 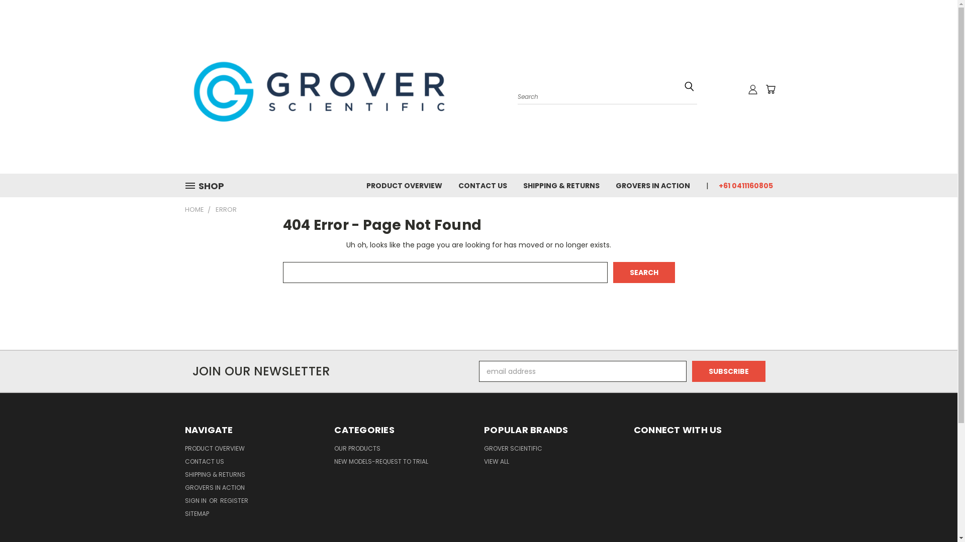 What do you see at coordinates (357, 450) in the screenshot?
I see `'OUR PRODUCTS'` at bounding box center [357, 450].